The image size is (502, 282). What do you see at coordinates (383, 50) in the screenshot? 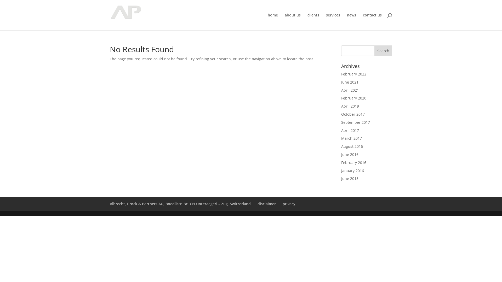
I see `'Search'` at bounding box center [383, 50].